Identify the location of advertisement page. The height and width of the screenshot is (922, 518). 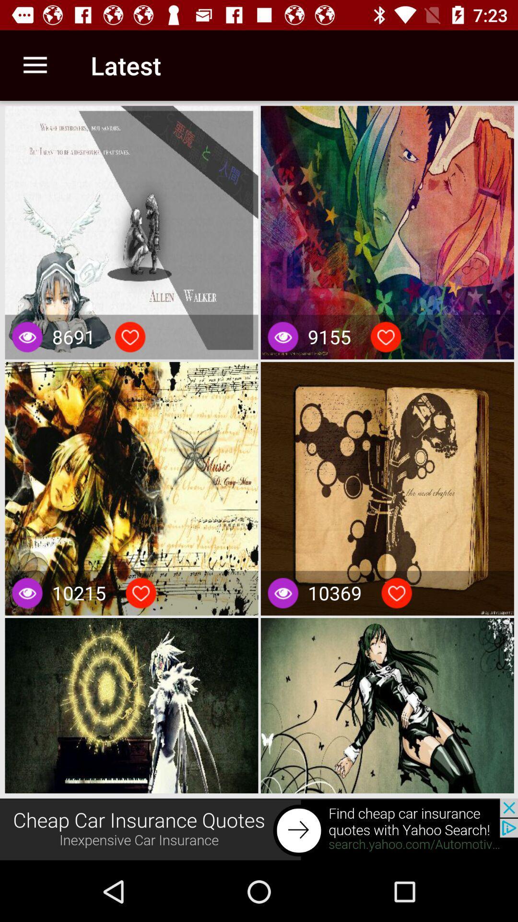
(259, 829).